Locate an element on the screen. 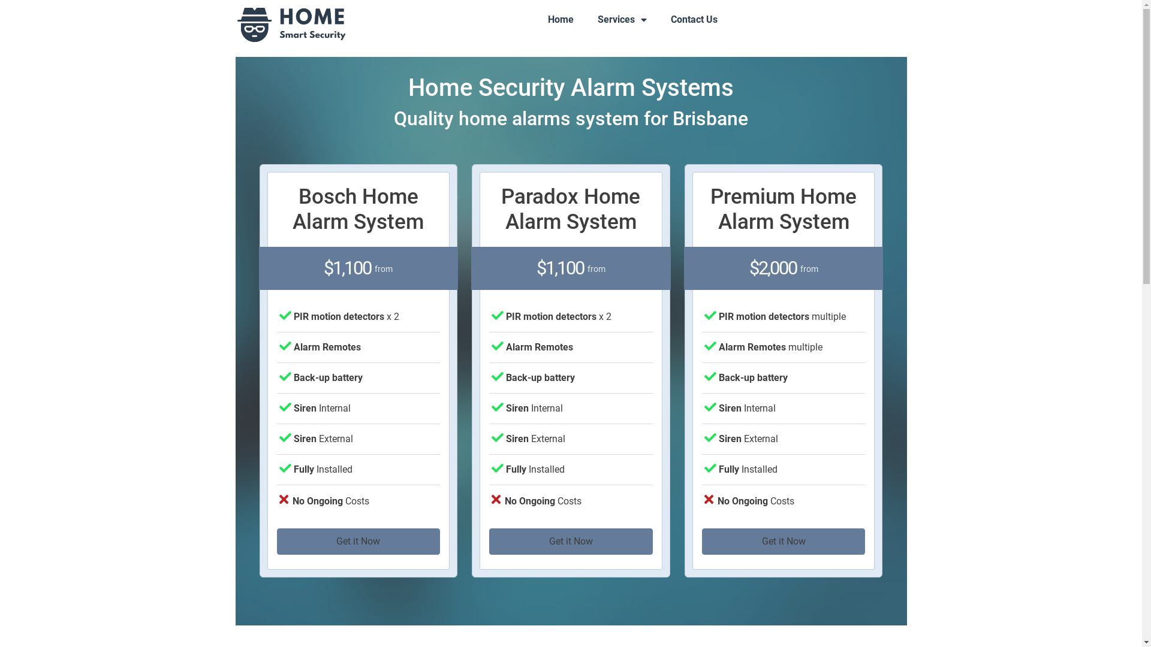  'Get it Now' is located at coordinates (570, 541).